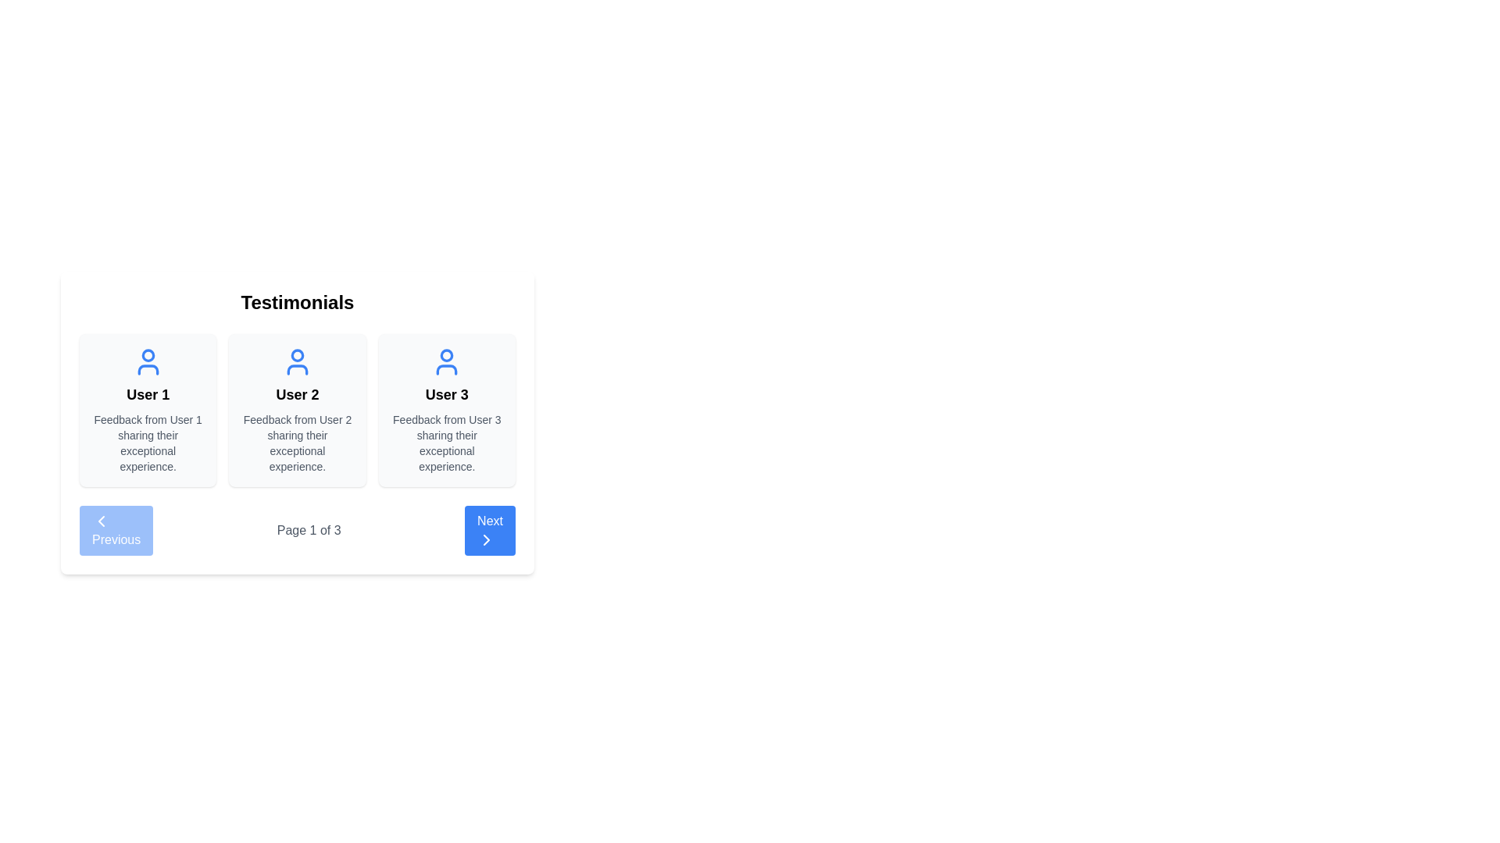 Image resolution: width=1500 pixels, height=843 pixels. I want to click on the SVG Circle representing the user avatar in the second testimonial user card located under the heading 'Testimonials', so click(297, 355).